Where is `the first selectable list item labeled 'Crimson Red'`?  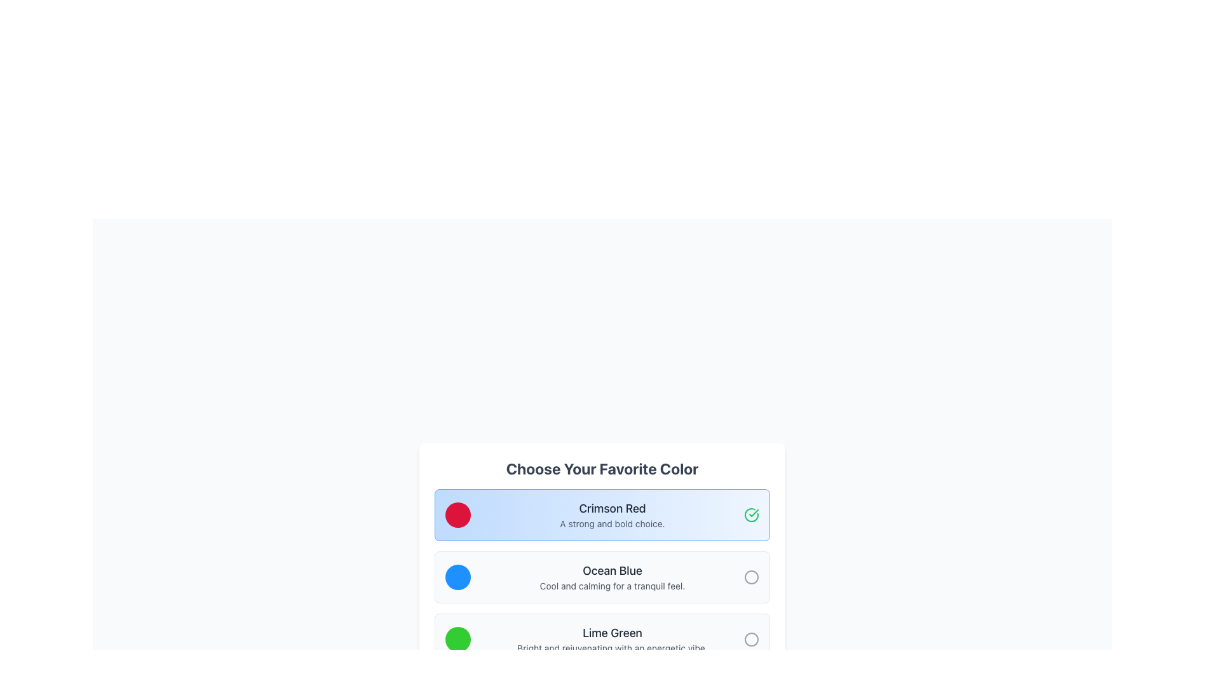
the first selectable list item labeled 'Crimson Red' is located at coordinates (602, 514).